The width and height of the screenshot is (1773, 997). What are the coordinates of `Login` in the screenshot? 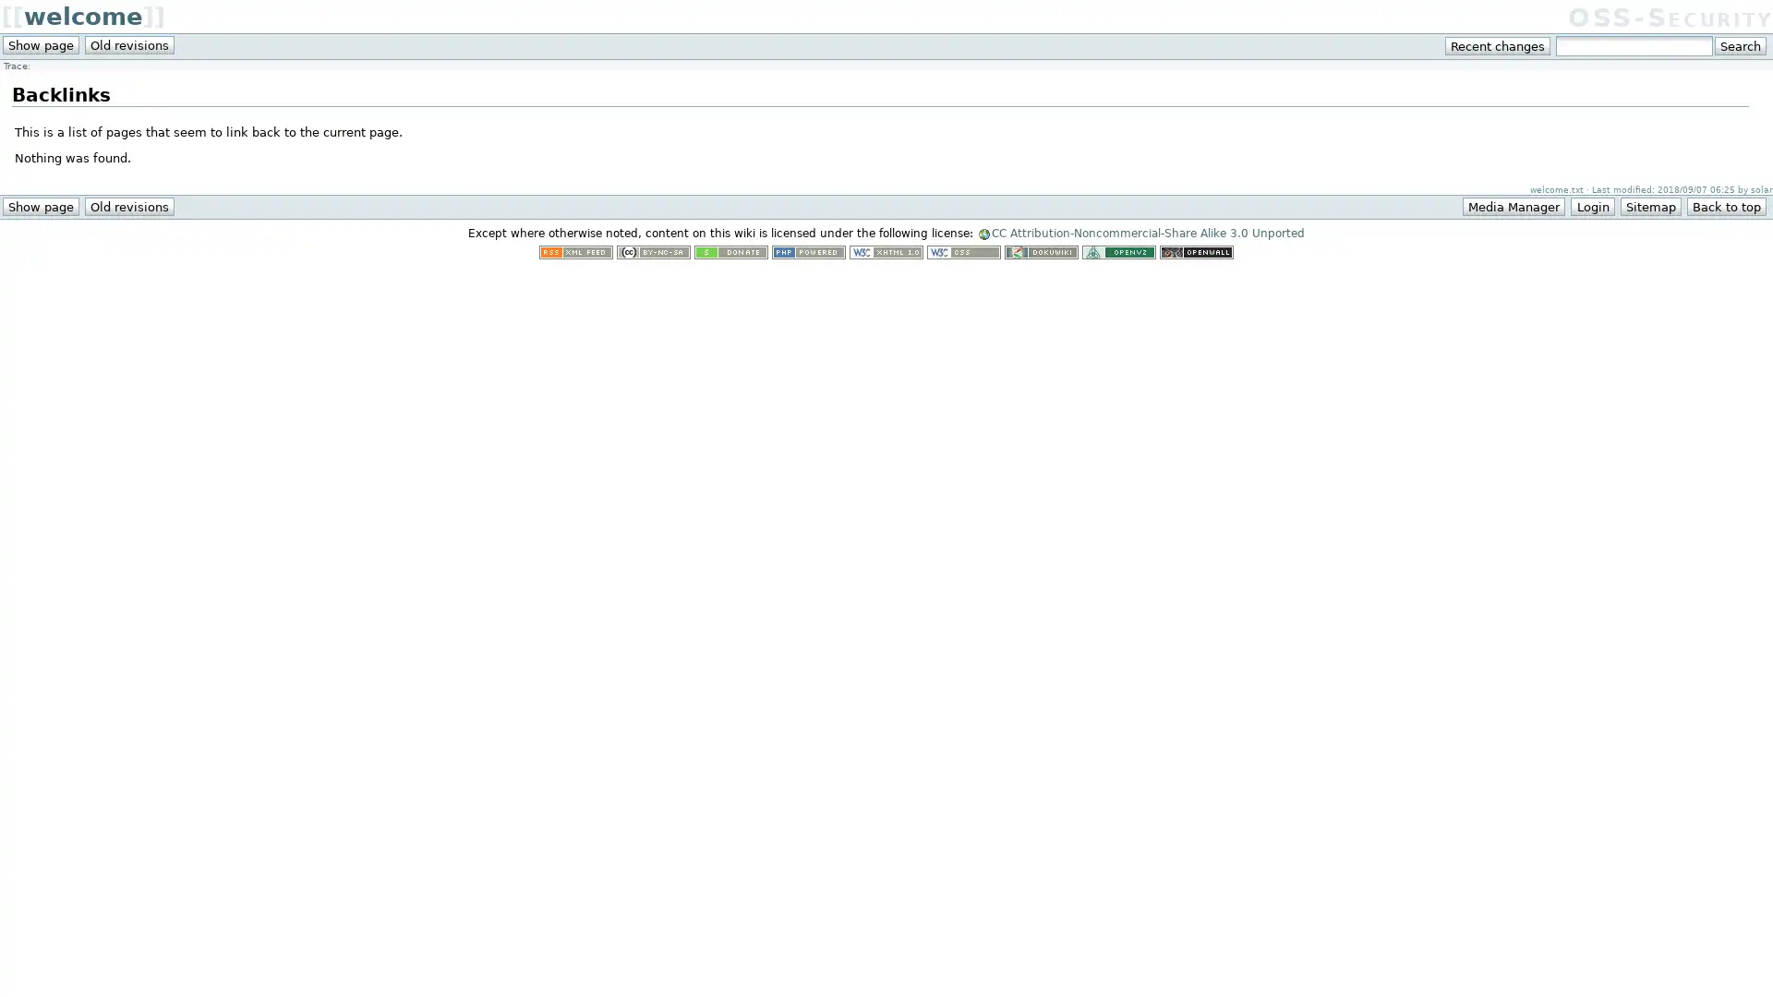 It's located at (1591, 206).